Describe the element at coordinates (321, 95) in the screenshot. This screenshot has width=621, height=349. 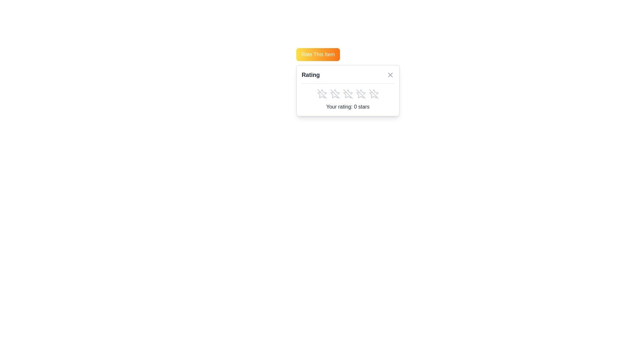
I see `the first star icon in the star rating system to rate the item` at that location.